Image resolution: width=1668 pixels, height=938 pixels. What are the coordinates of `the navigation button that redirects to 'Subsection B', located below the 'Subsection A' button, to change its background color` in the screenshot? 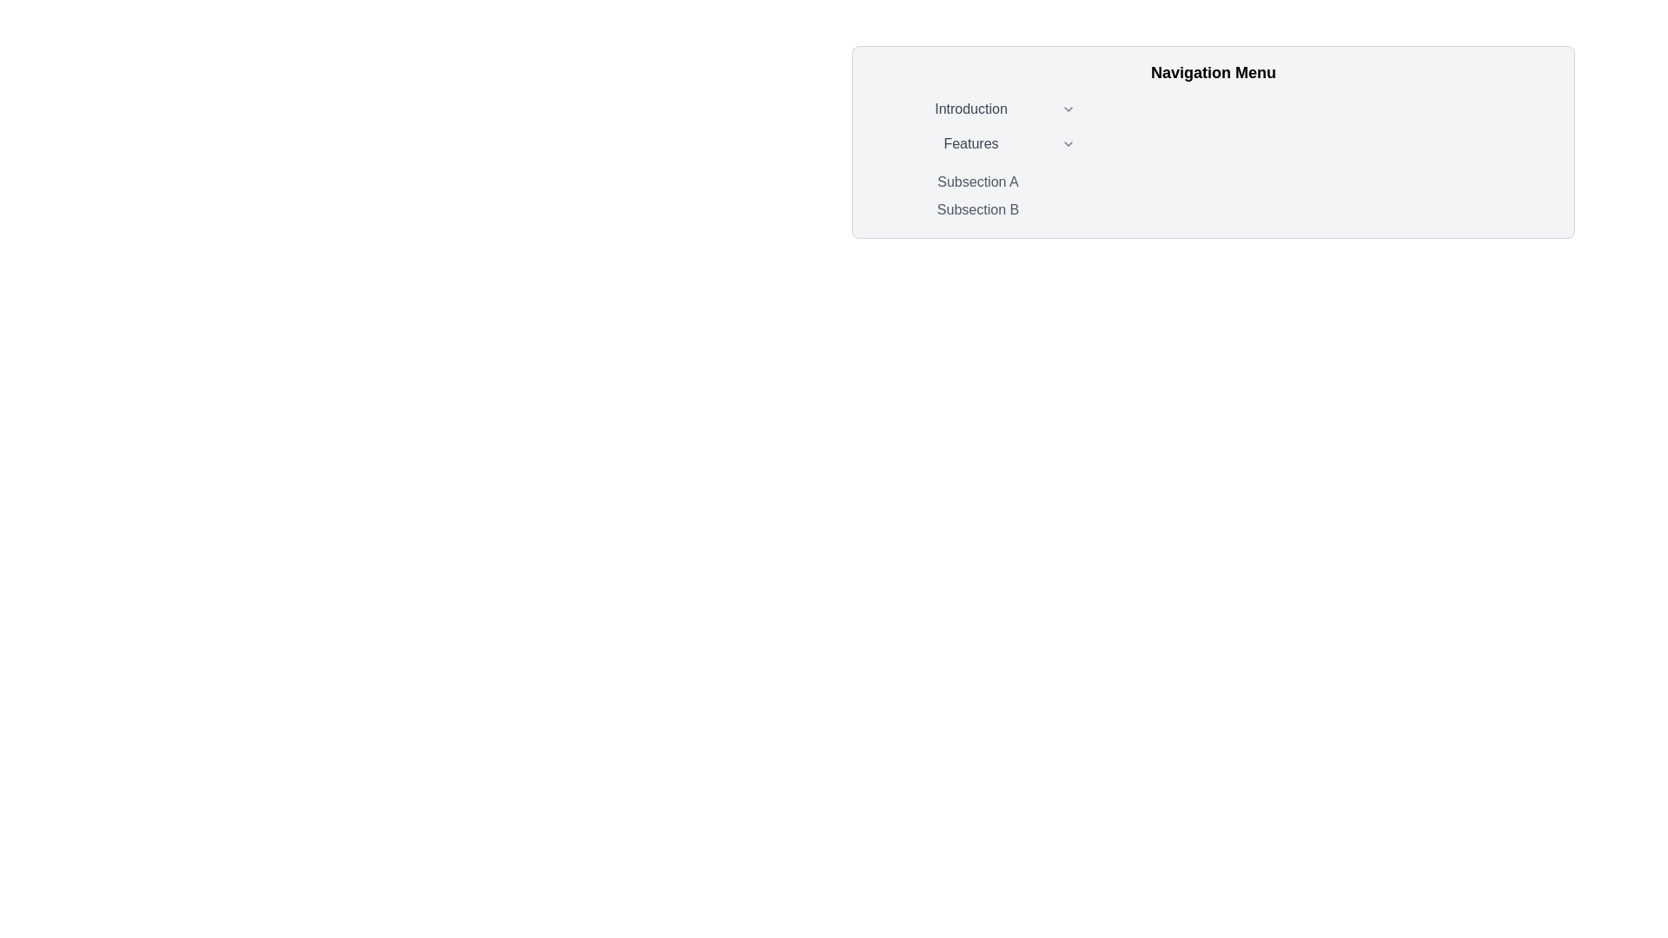 It's located at (978, 209).